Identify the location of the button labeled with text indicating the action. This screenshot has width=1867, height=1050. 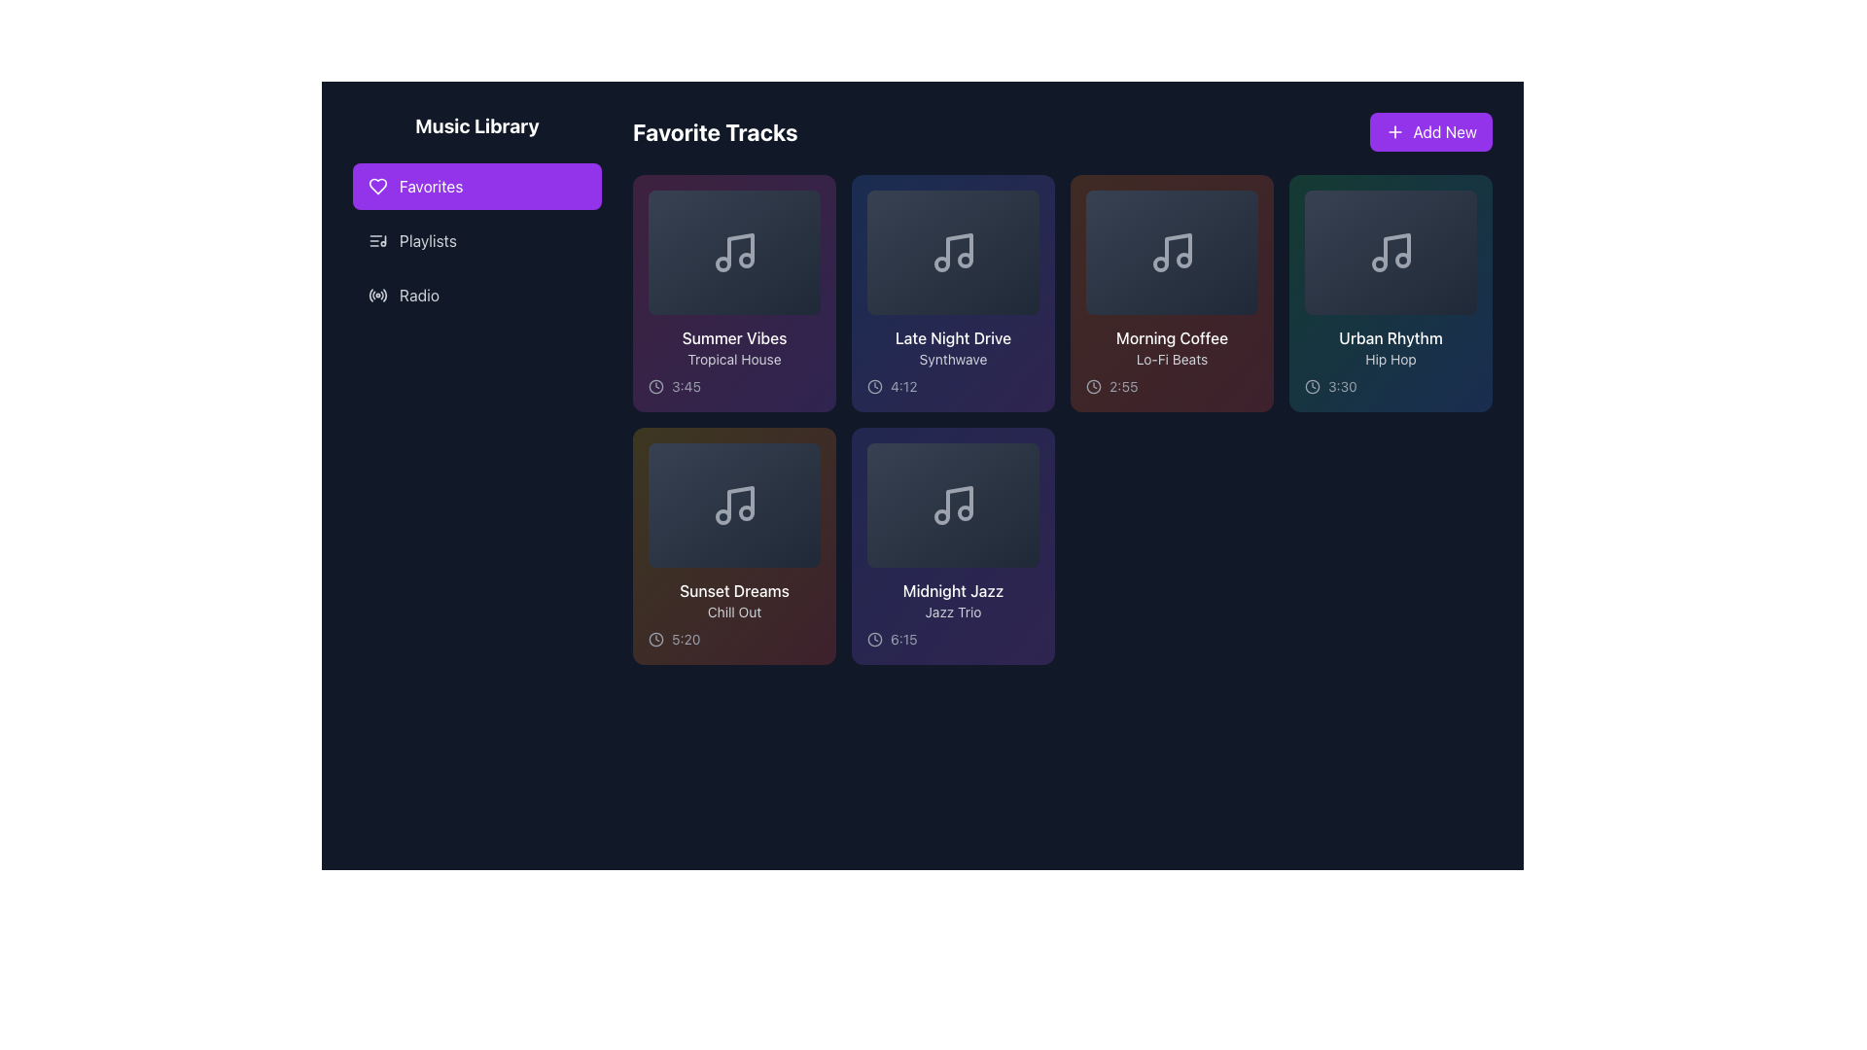
(1445, 131).